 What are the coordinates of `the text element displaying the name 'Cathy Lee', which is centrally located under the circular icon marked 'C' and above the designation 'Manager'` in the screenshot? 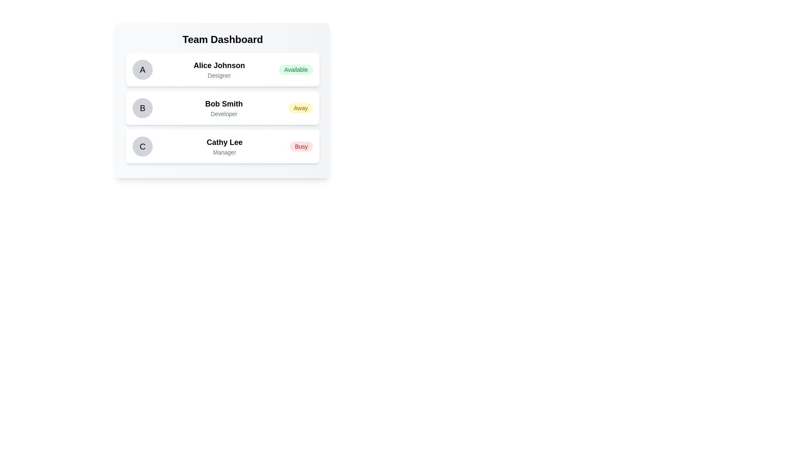 It's located at (224, 142).